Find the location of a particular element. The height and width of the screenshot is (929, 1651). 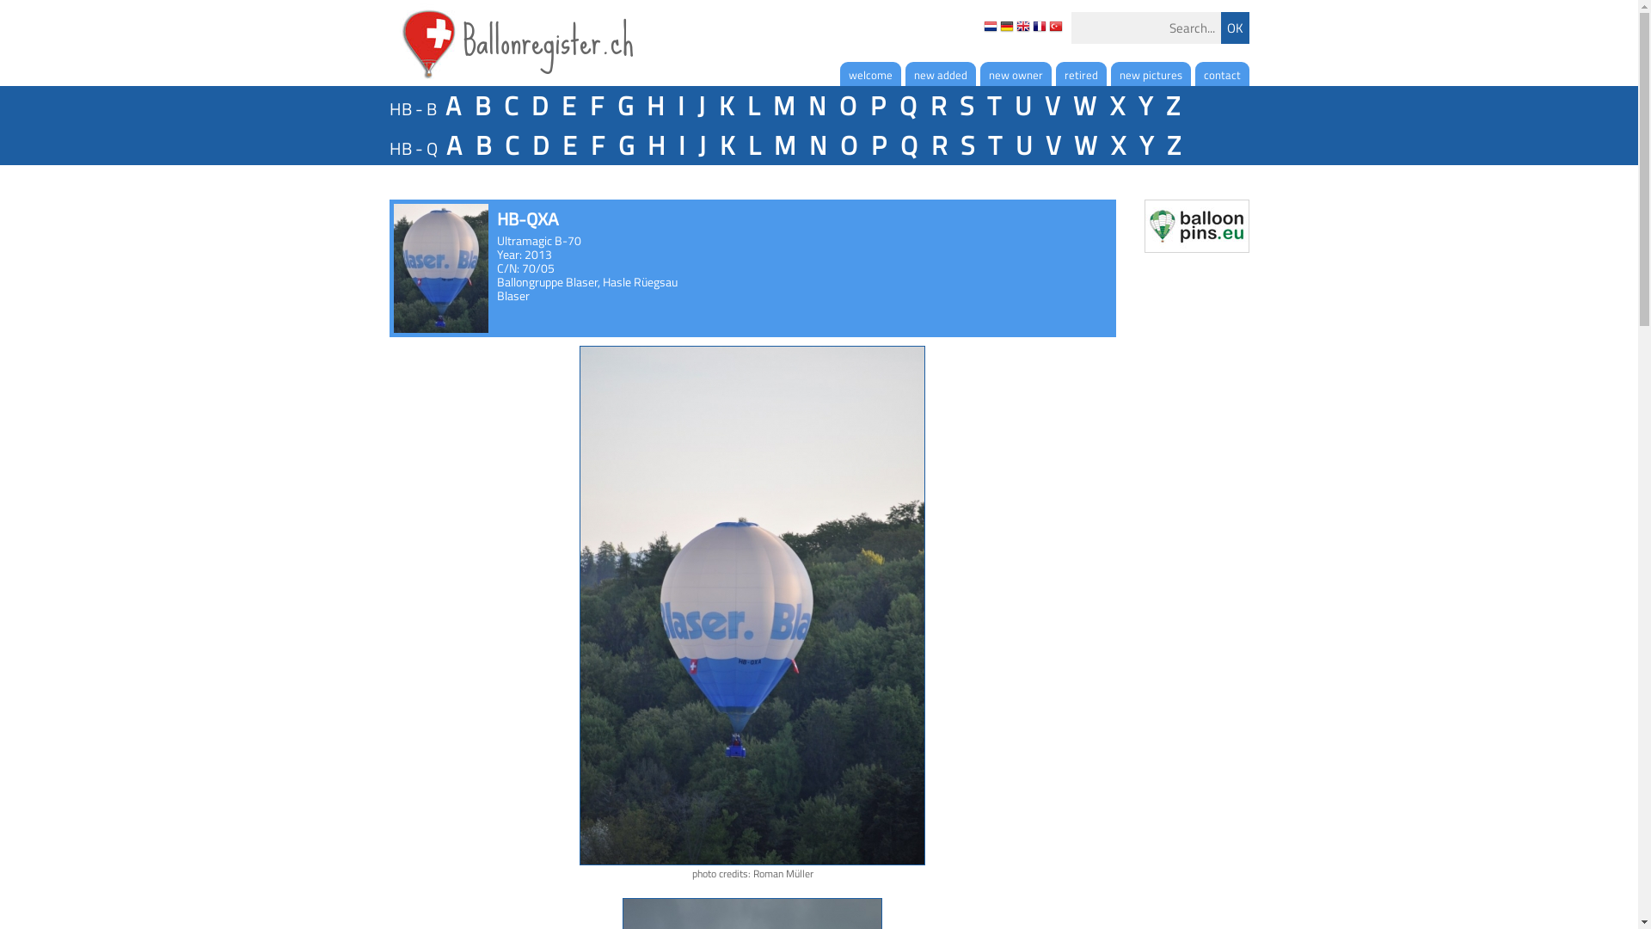

'E' is located at coordinates (569, 145).